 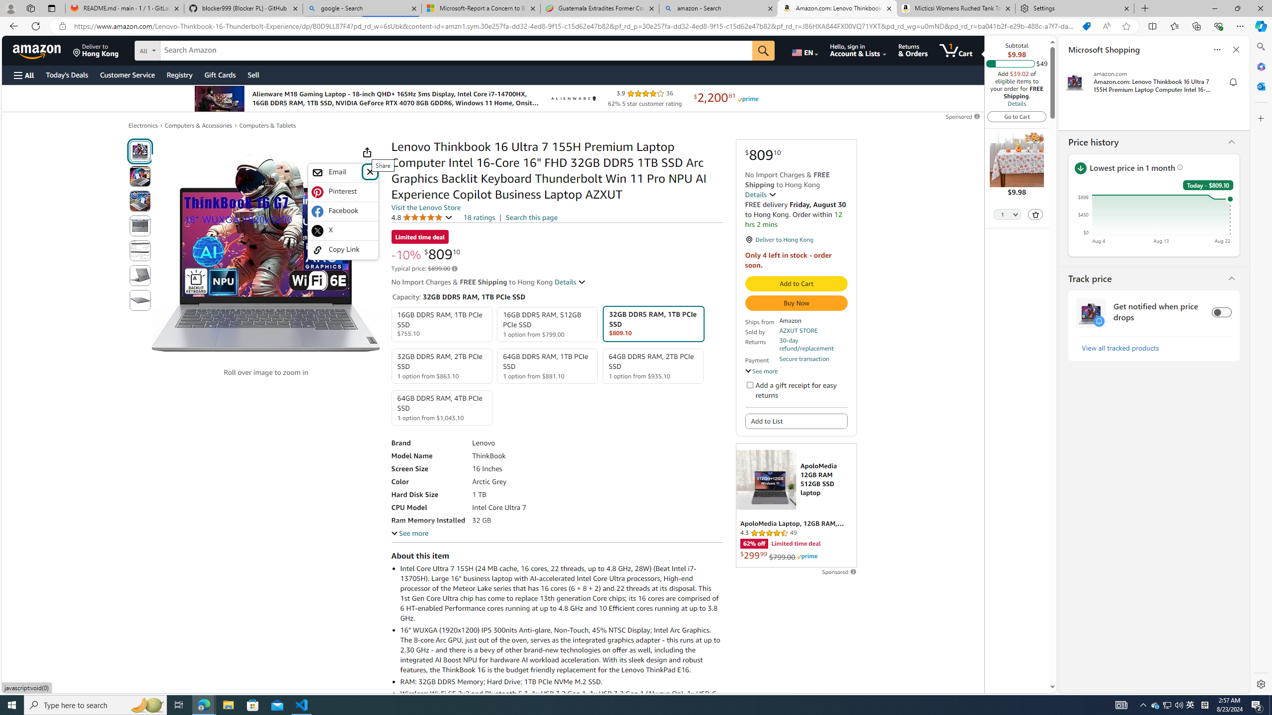 I want to click on 'Electronics', so click(x=143, y=125).